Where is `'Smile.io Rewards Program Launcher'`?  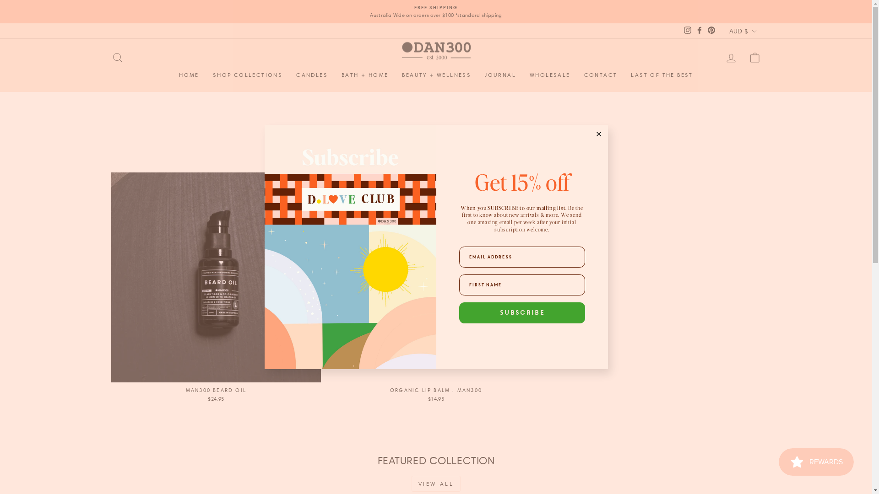 'Smile.io Rewards Program Launcher' is located at coordinates (816, 462).